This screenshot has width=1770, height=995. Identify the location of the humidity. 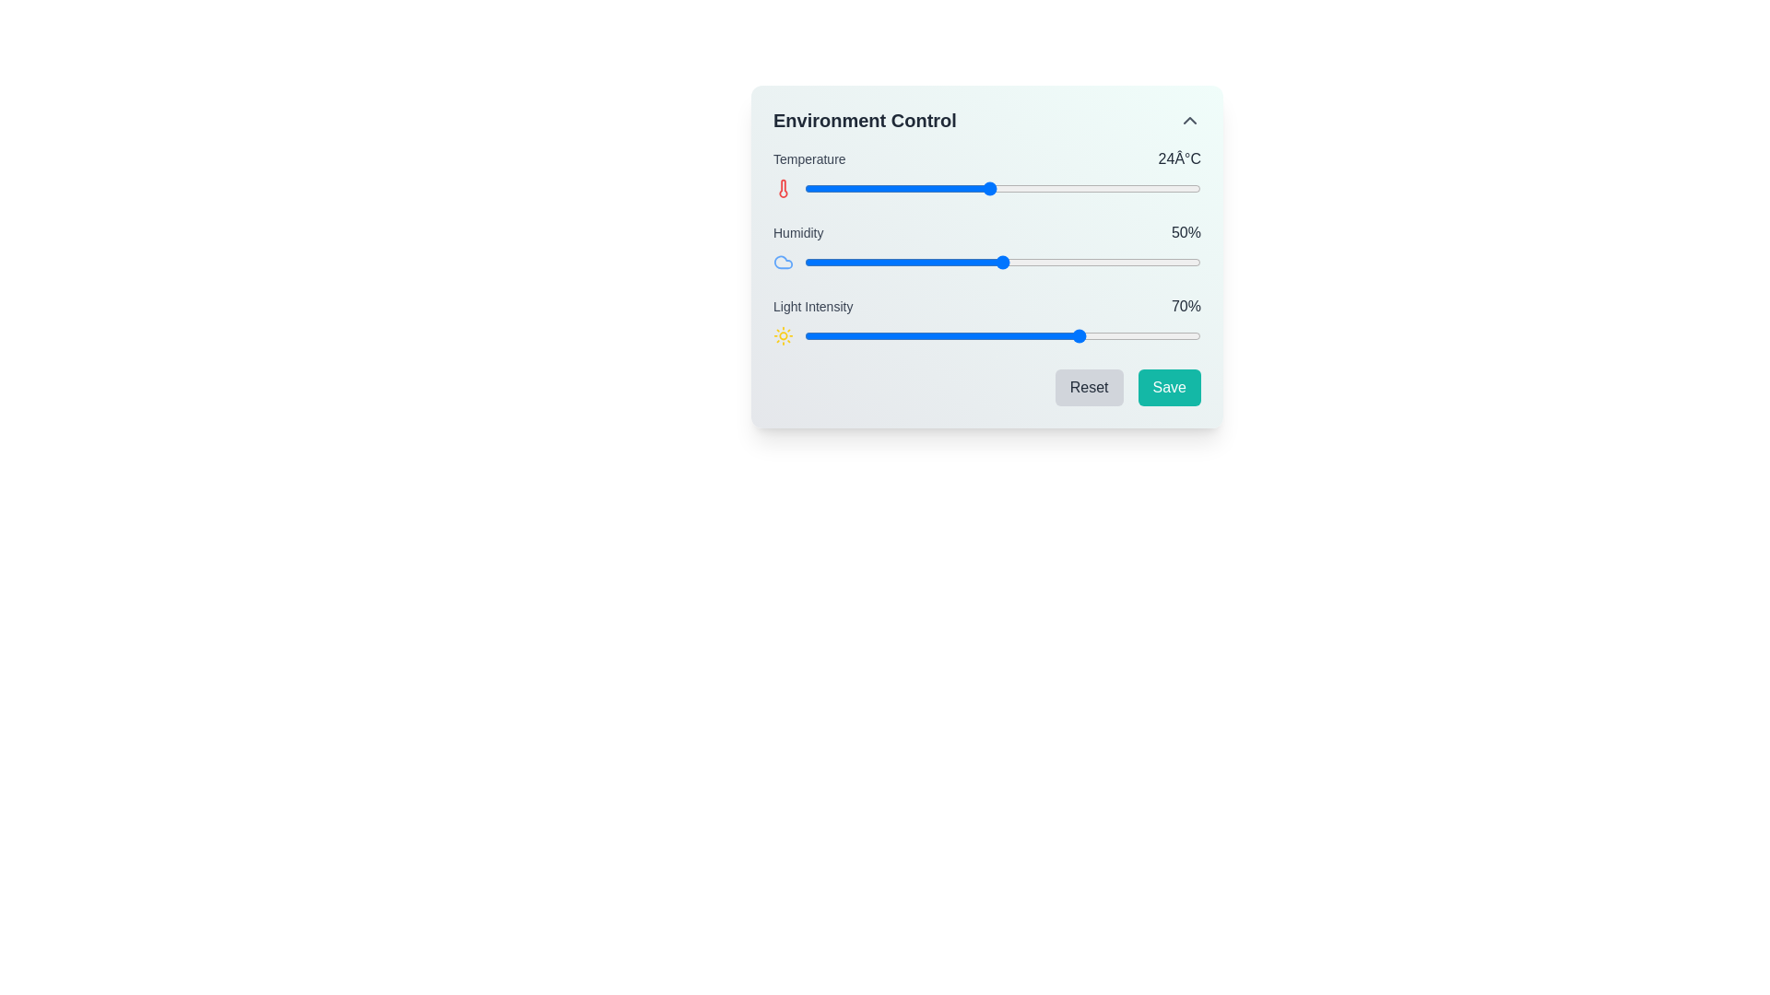
(839, 263).